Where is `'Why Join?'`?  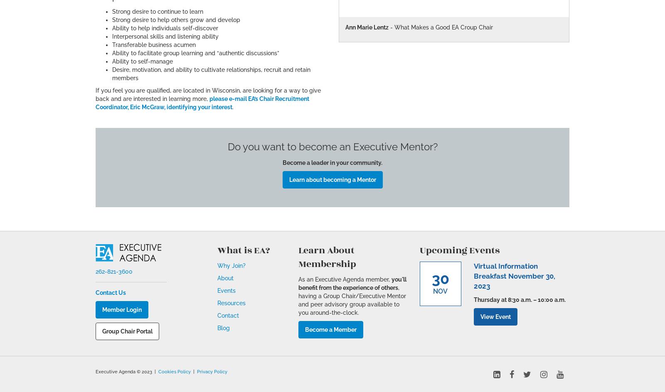
'Why Join?' is located at coordinates (231, 266).